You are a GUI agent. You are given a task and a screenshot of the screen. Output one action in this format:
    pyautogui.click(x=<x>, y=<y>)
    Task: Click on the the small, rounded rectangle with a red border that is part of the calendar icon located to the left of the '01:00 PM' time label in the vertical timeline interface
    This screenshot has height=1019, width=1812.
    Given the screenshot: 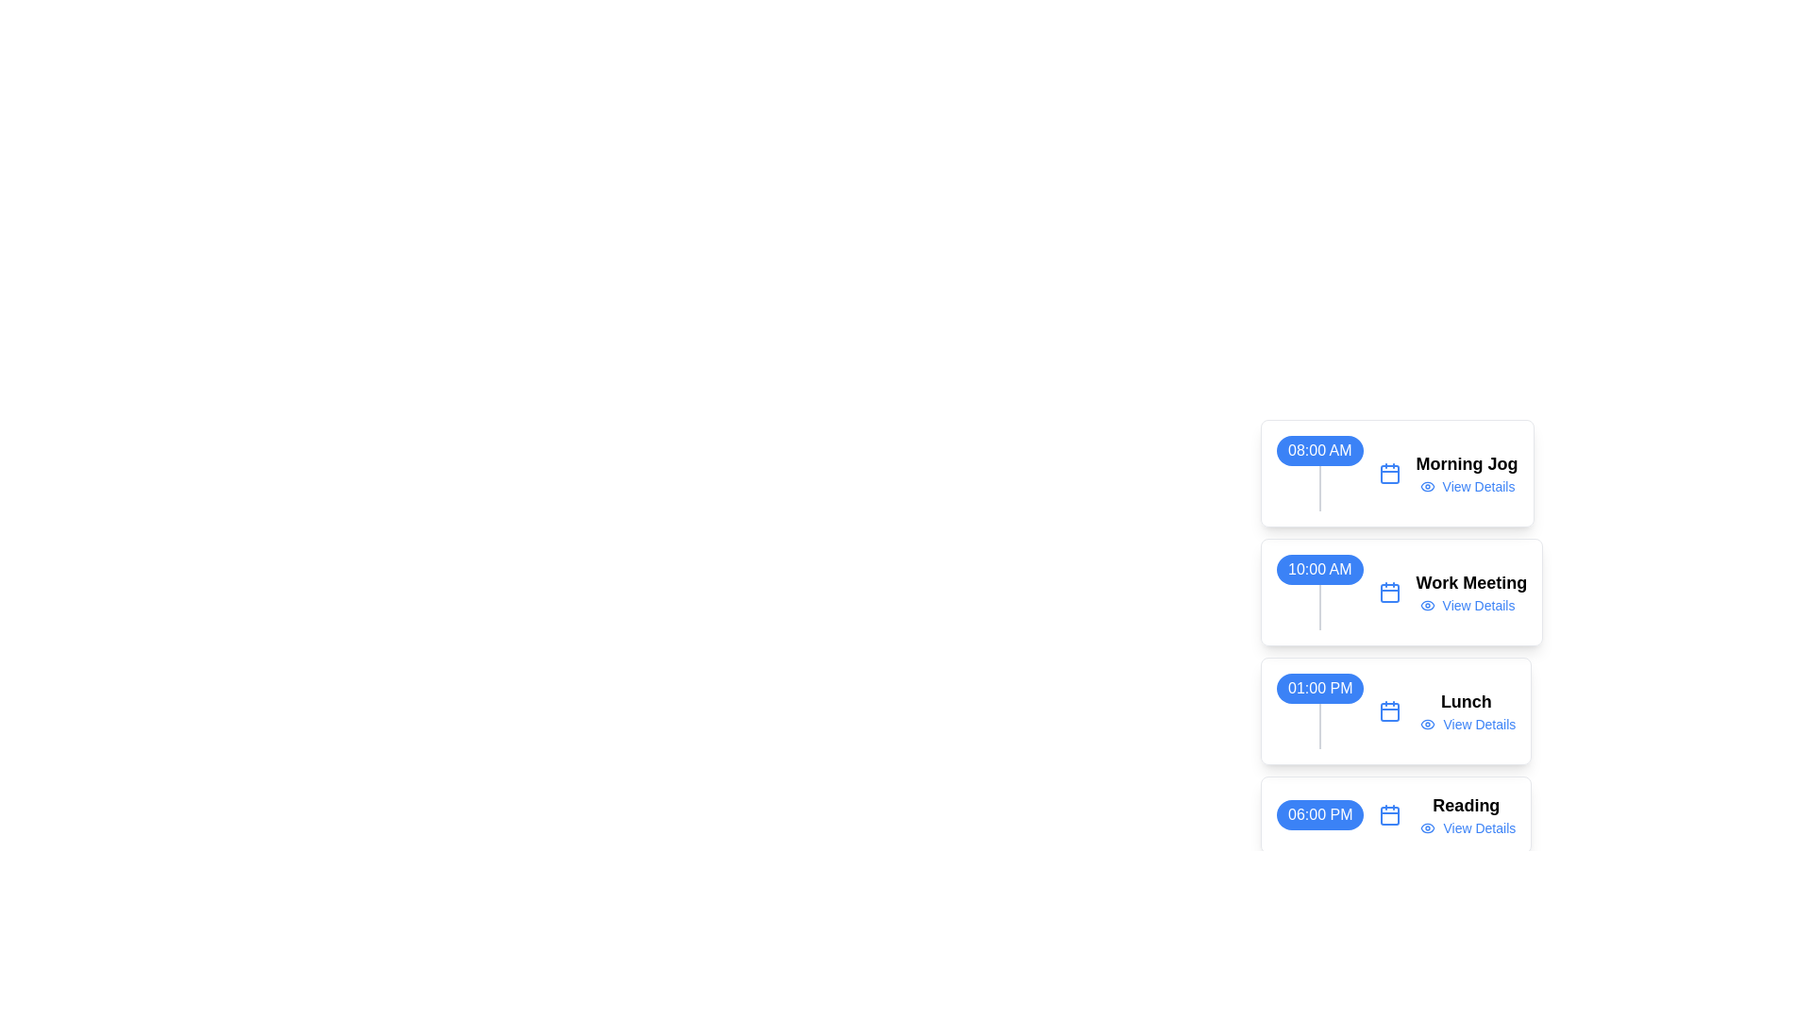 What is the action you would take?
    pyautogui.click(x=1390, y=712)
    